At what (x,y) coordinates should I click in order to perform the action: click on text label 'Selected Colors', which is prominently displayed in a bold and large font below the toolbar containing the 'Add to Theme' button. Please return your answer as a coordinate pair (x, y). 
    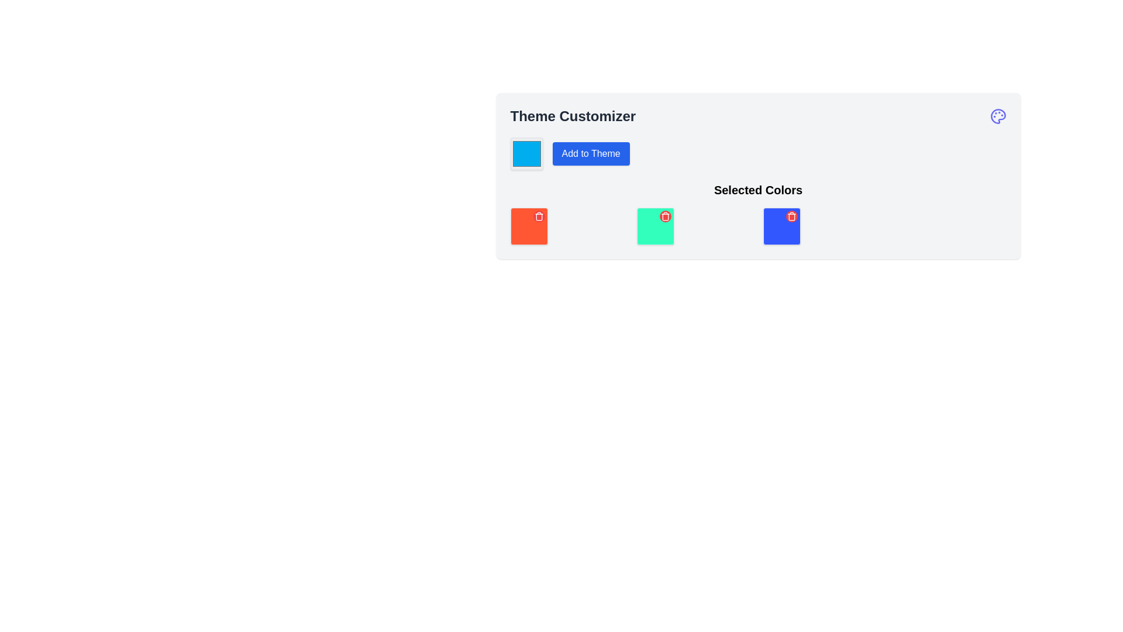
    Looking at the image, I should click on (758, 189).